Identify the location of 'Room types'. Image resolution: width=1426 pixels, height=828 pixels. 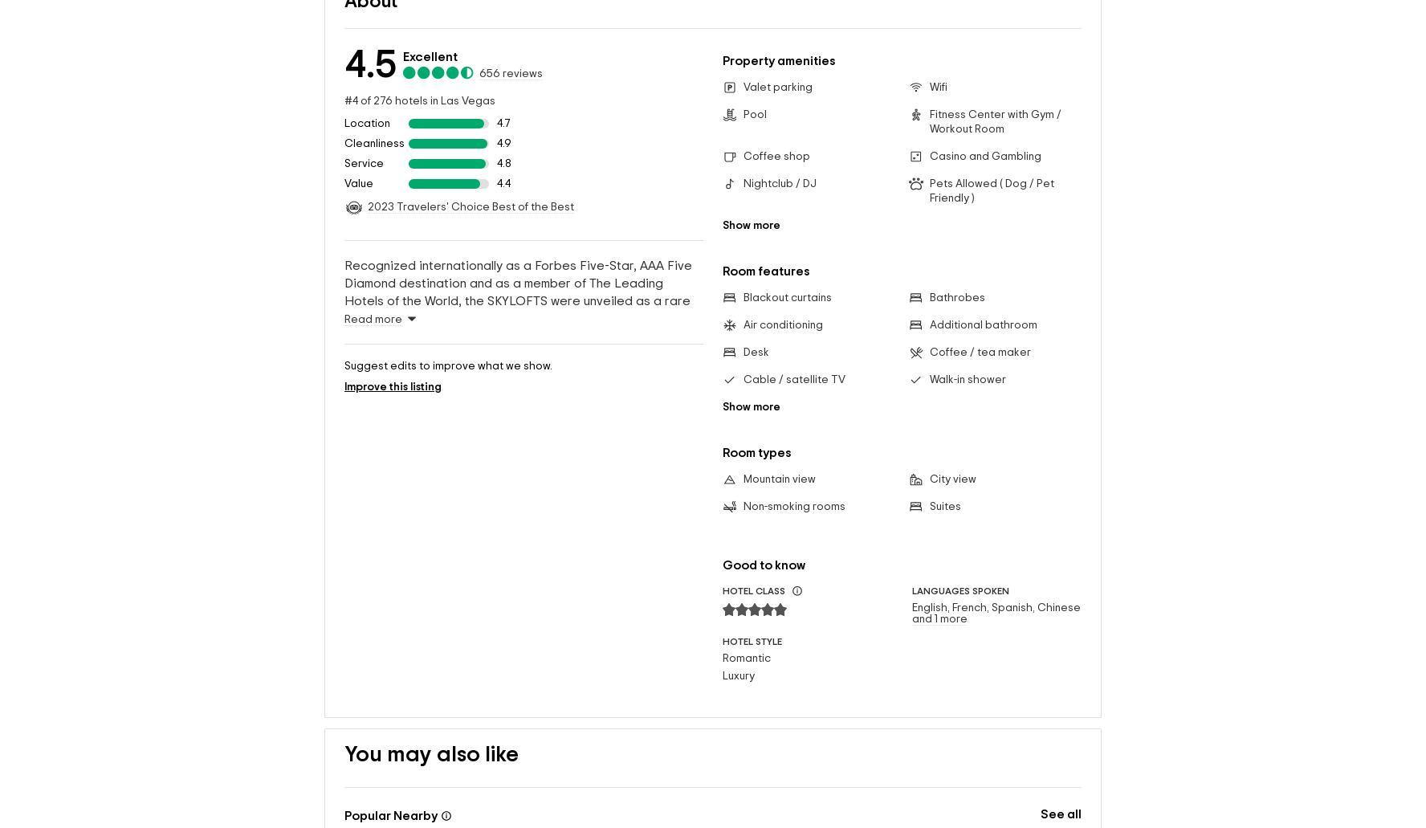
(756, 426).